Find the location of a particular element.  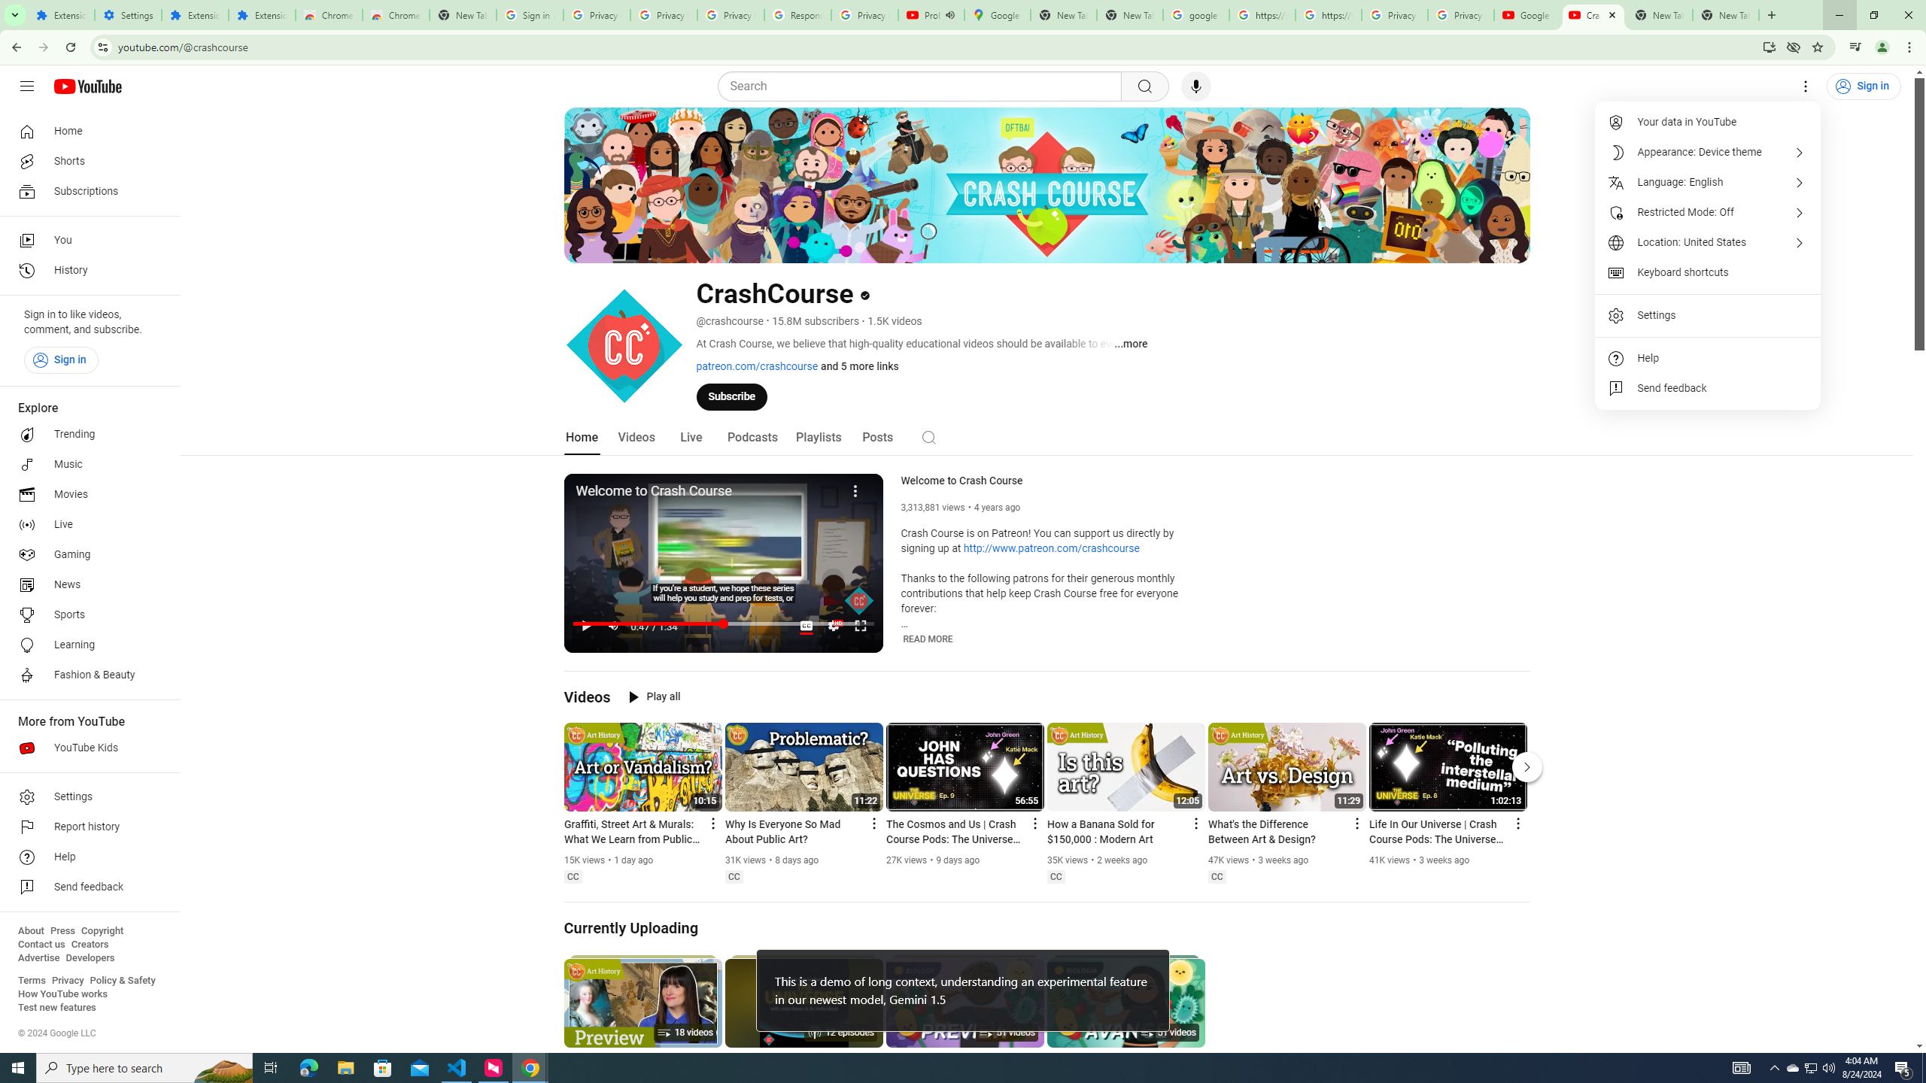

'YouTube Home' is located at coordinates (87, 86).